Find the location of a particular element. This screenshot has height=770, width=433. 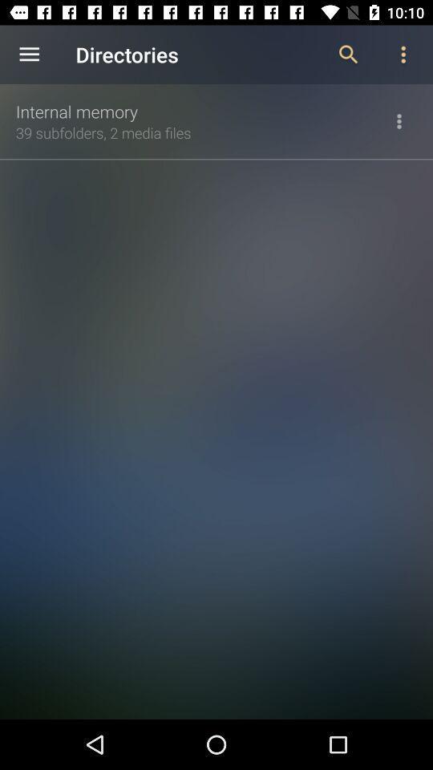

the app to the left of the directories app is located at coordinates (29, 55).